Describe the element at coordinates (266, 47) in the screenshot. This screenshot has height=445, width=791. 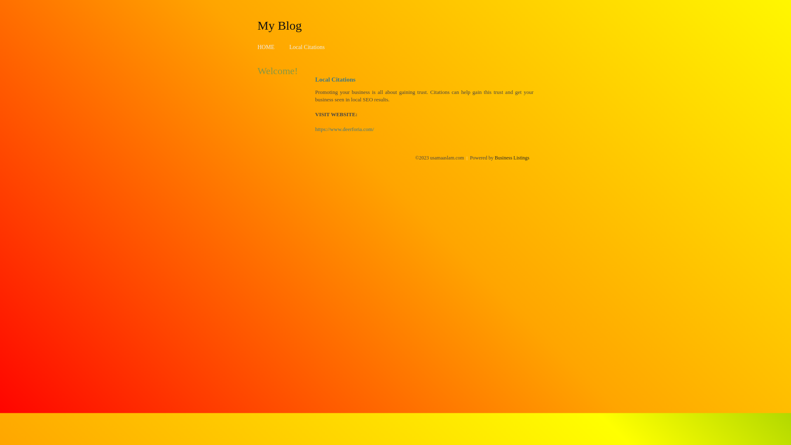
I see `'HOME'` at that location.